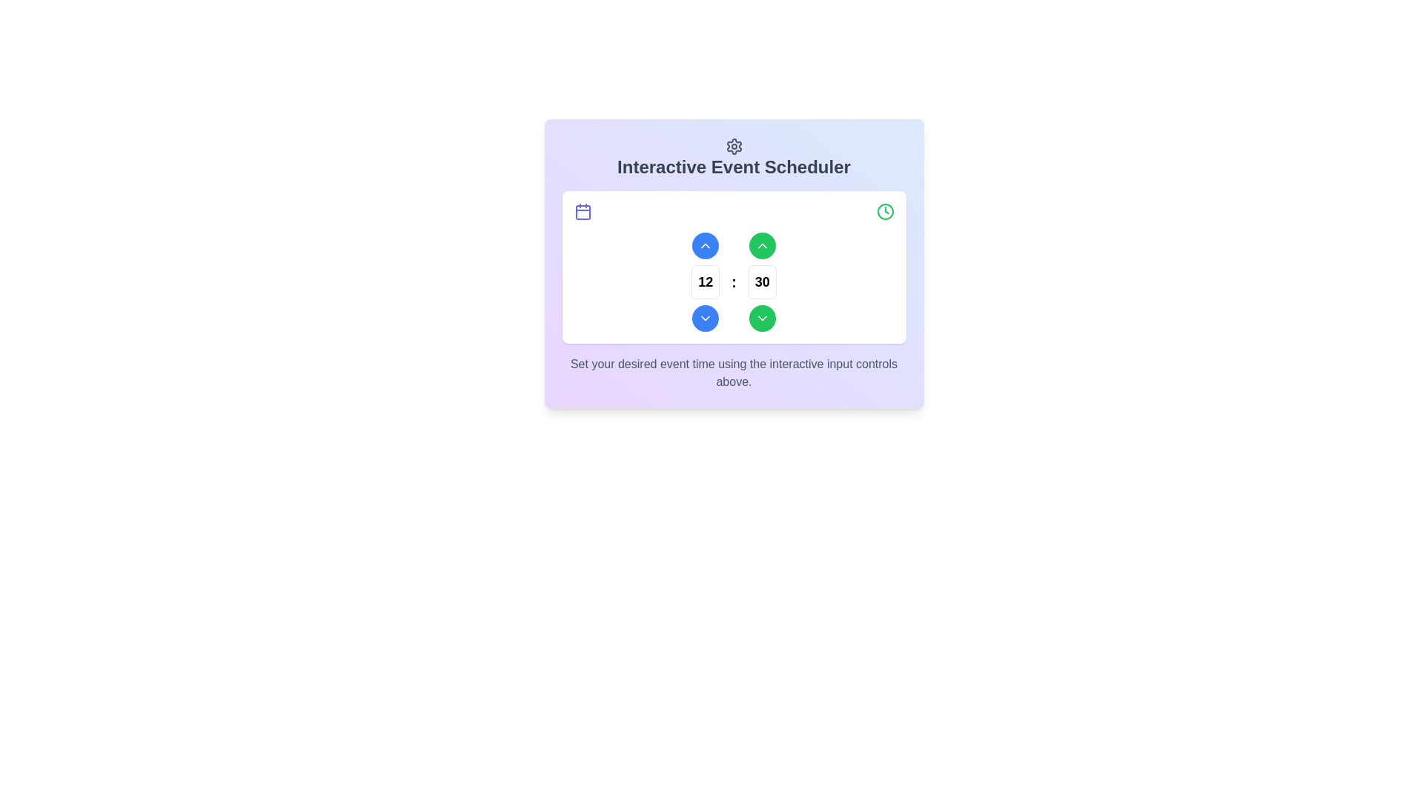 This screenshot has height=800, width=1423. I want to click on the text label displaying 'Interactive Event Scheduler', which is styled in bold gray font and is positioned prominently near the top center of the layout, below a gear icon and above the interactive scheduler input area, so click(734, 167).